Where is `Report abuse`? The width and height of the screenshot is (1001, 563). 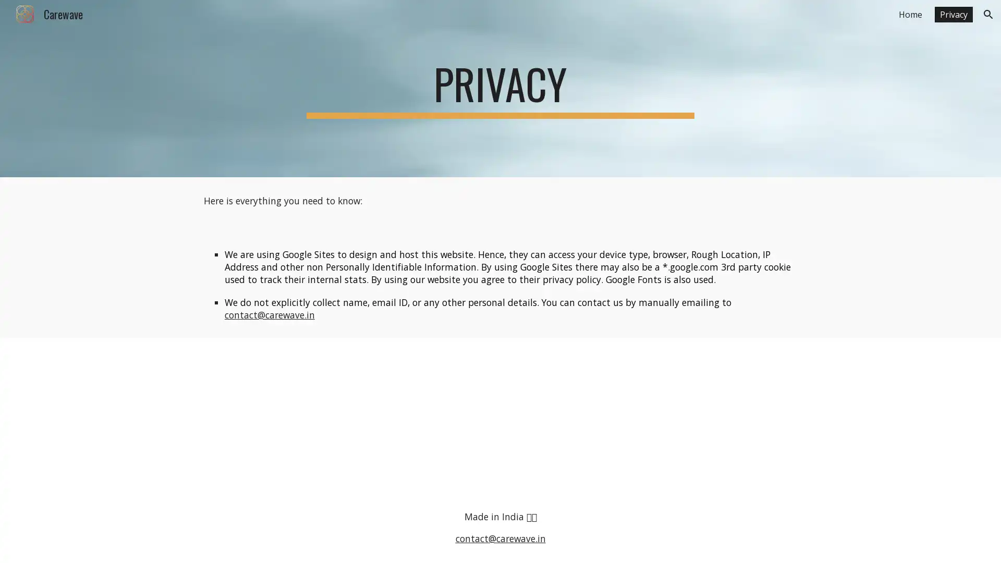
Report abuse is located at coordinates (95, 544).